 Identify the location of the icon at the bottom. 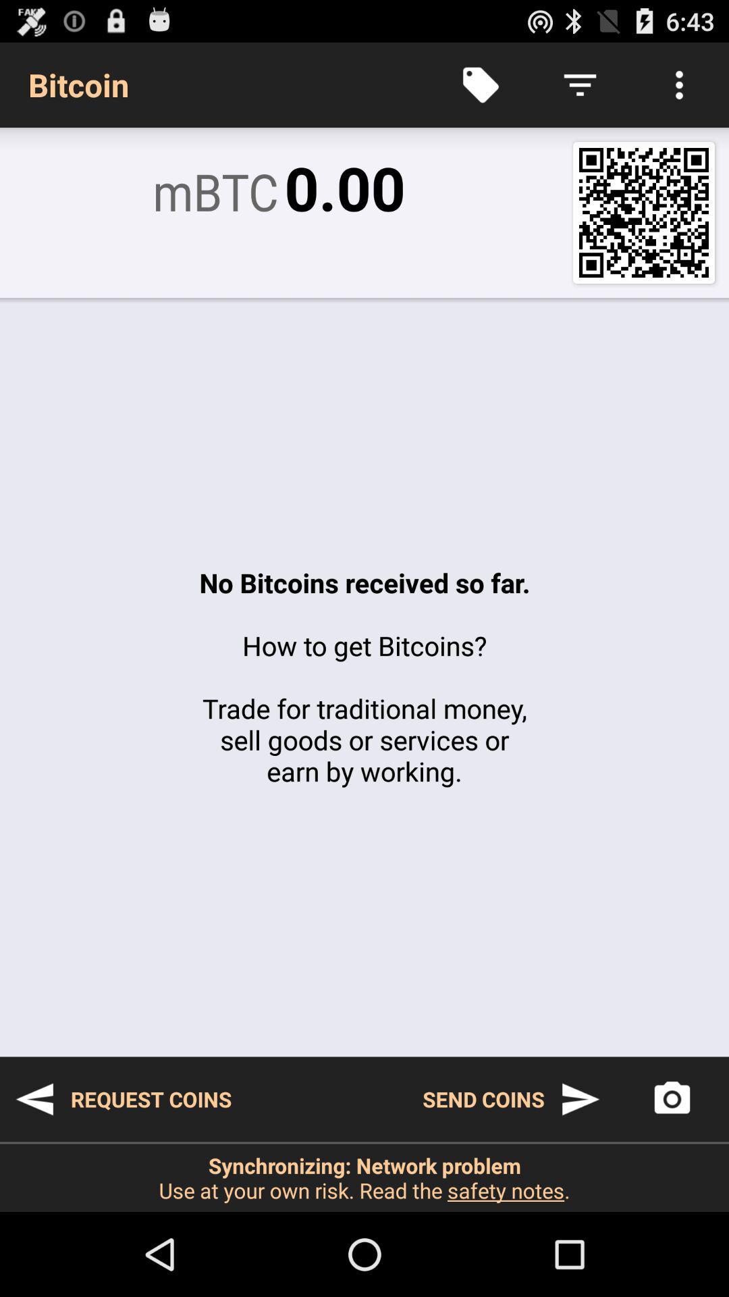
(364, 1177).